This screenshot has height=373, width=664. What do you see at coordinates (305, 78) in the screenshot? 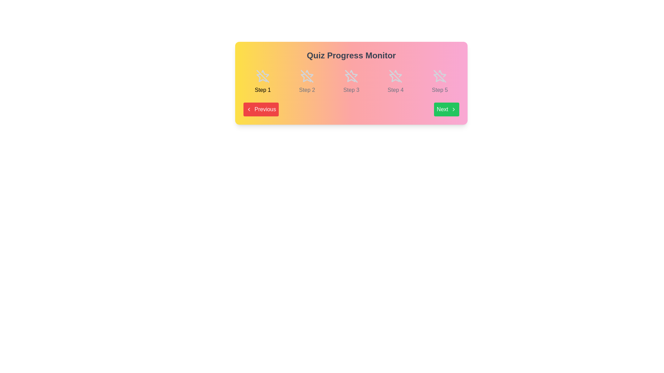
I see `the star-shaped icon that represents 'Step 2' in the quiz progress monitor` at bounding box center [305, 78].